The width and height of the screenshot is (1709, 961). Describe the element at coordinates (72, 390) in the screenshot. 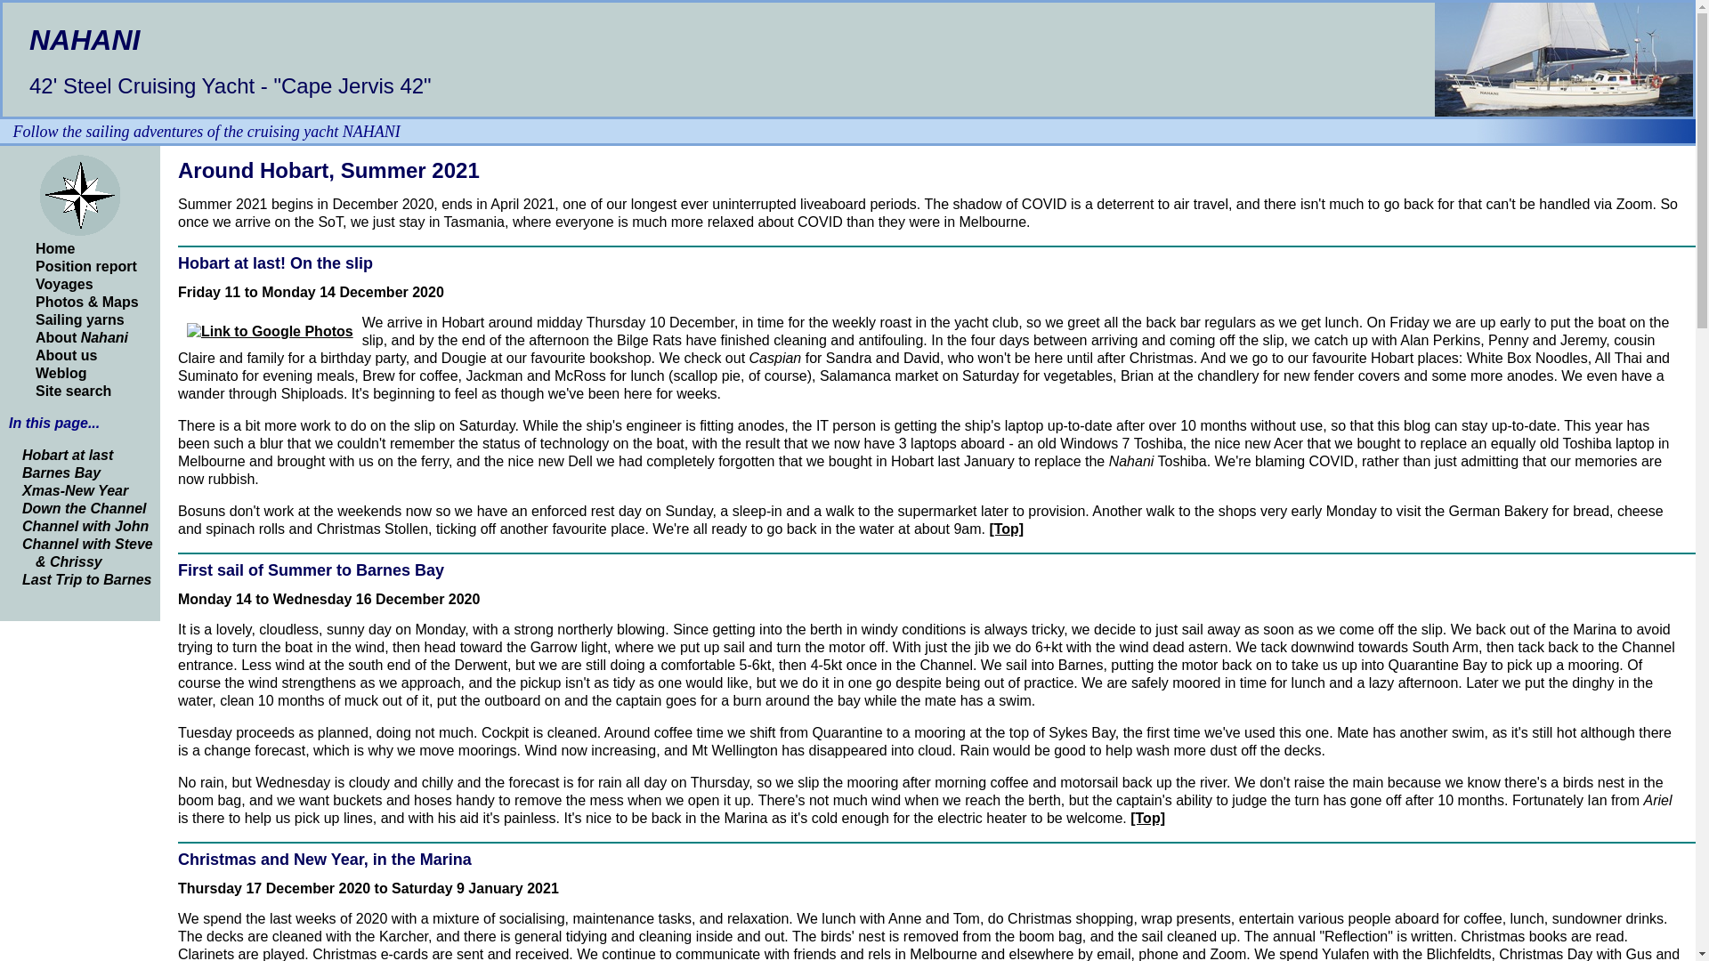

I see `'Site search'` at that location.